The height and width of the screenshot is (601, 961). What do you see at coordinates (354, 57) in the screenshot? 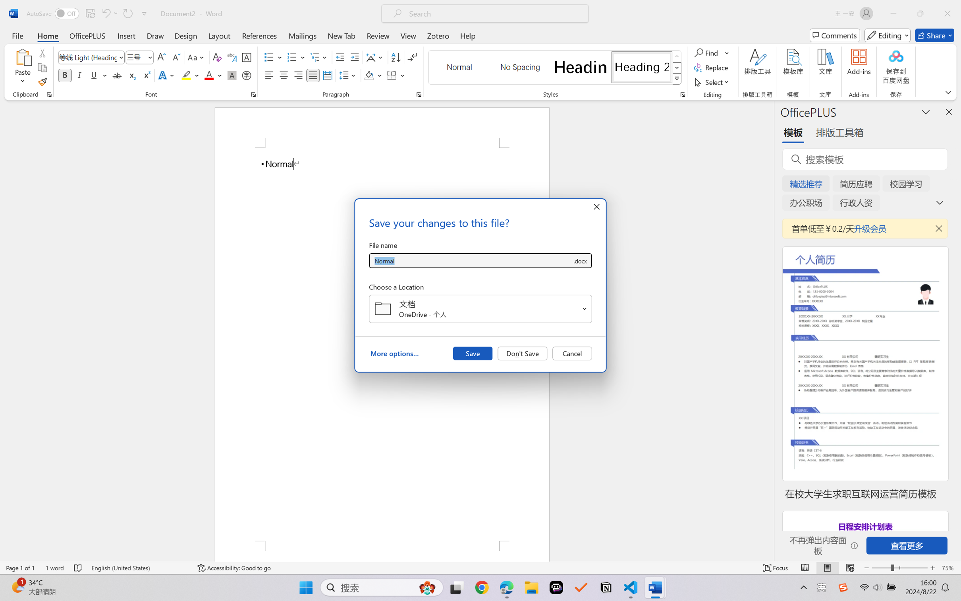
I see `'Increase Indent'` at bounding box center [354, 57].